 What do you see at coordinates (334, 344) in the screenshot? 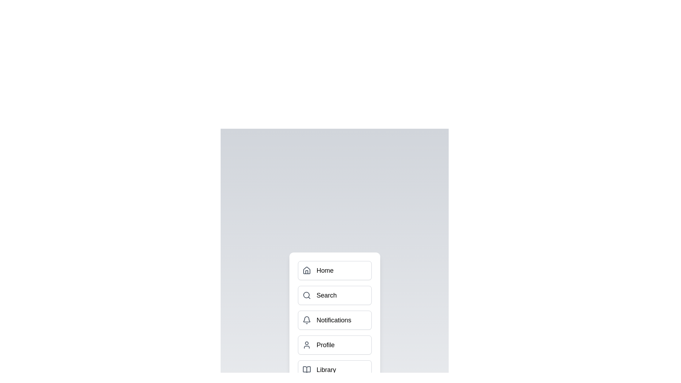
I see `the menu item button labeled Profile to toggle its submenu` at bounding box center [334, 344].